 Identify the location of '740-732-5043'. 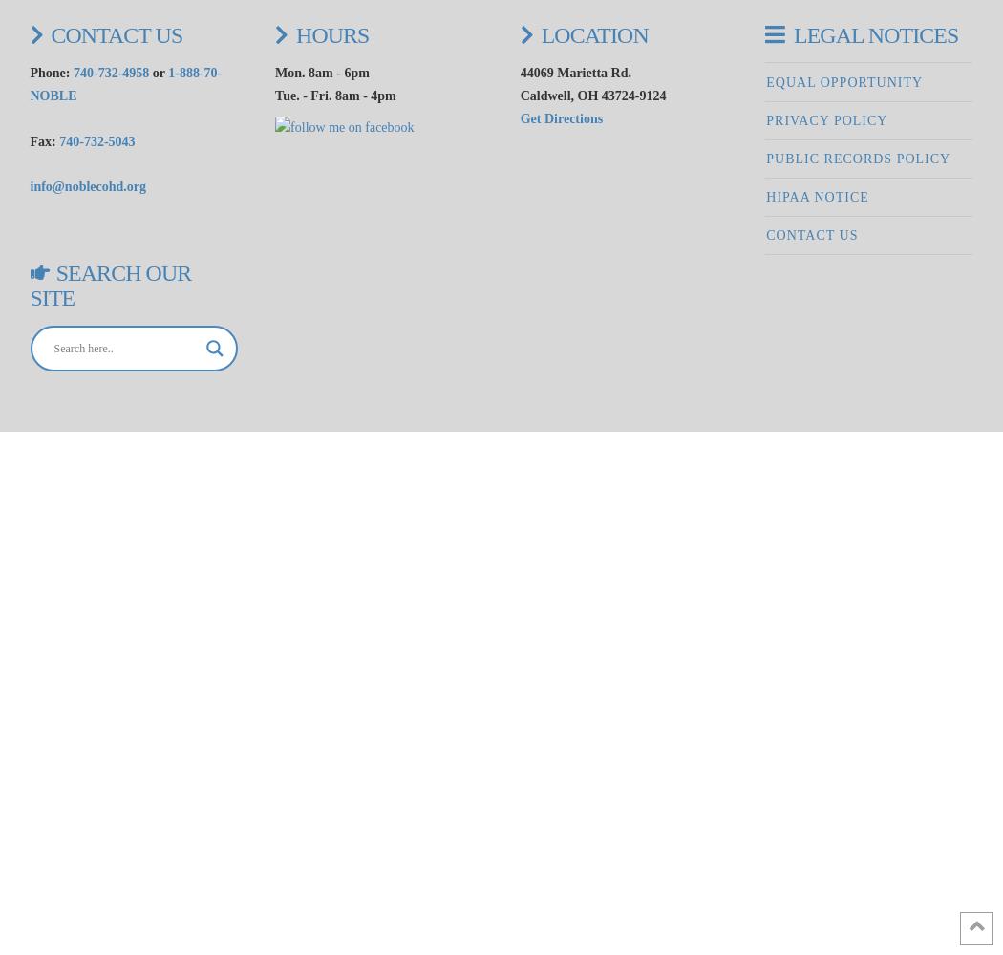
(96, 140).